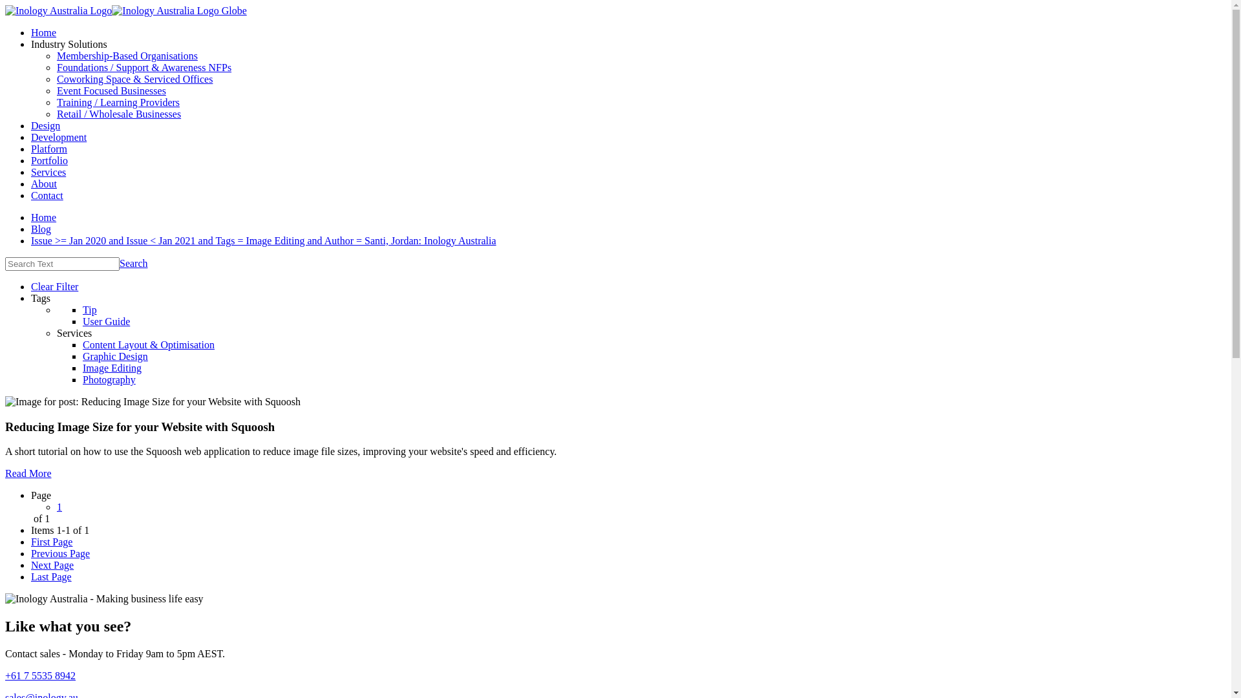  What do you see at coordinates (143, 67) in the screenshot?
I see `'Foundations / Support & Awareness NFPs'` at bounding box center [143, 67].